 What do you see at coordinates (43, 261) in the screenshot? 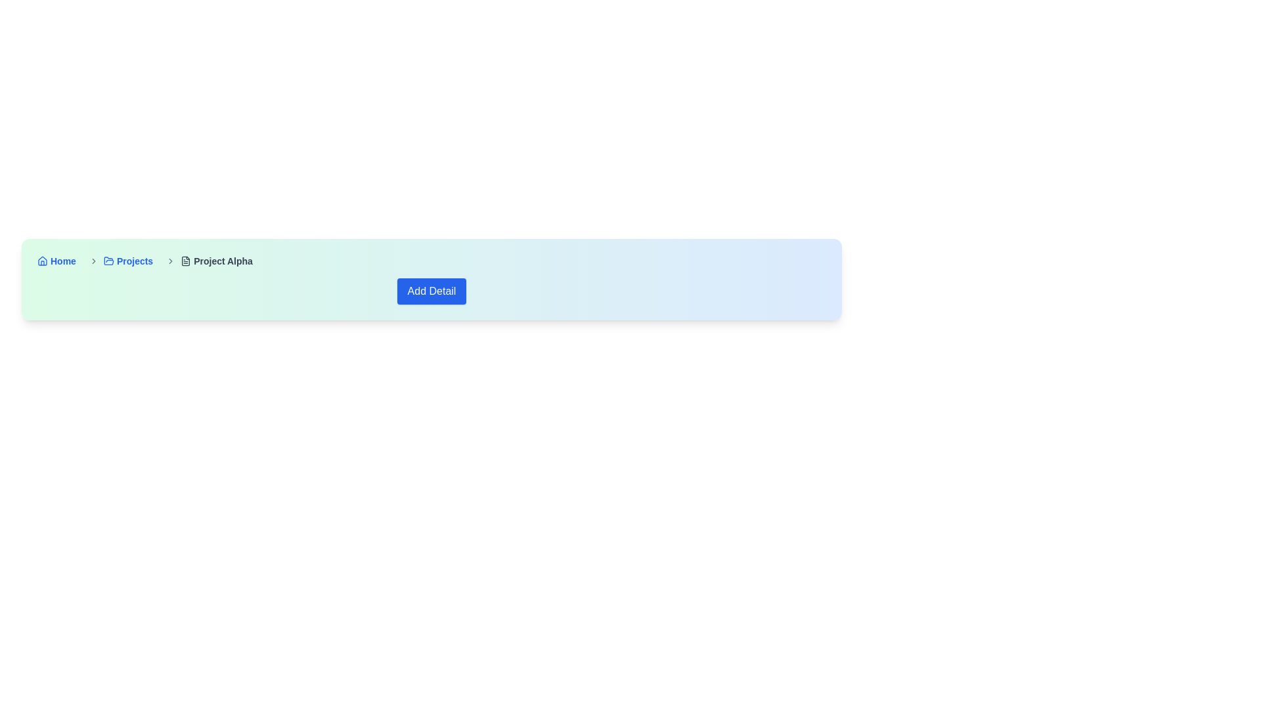
I see `the home icon, which is the first interactive element in the breadcrumb navigation bar, located directly to the left of the text 'Home'` at bounding box center [43, 261].